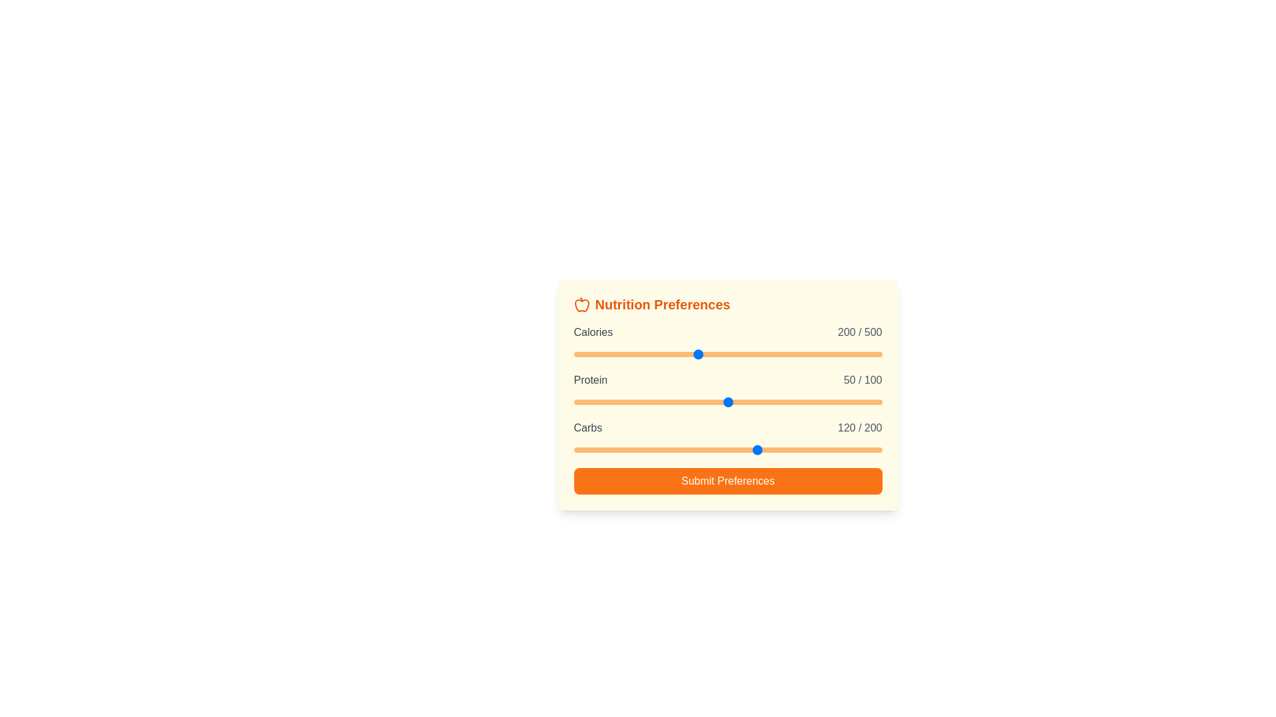 The height and width of the screenshot is (717, 1276). I want to click on the caloric value, so click(609, 353).